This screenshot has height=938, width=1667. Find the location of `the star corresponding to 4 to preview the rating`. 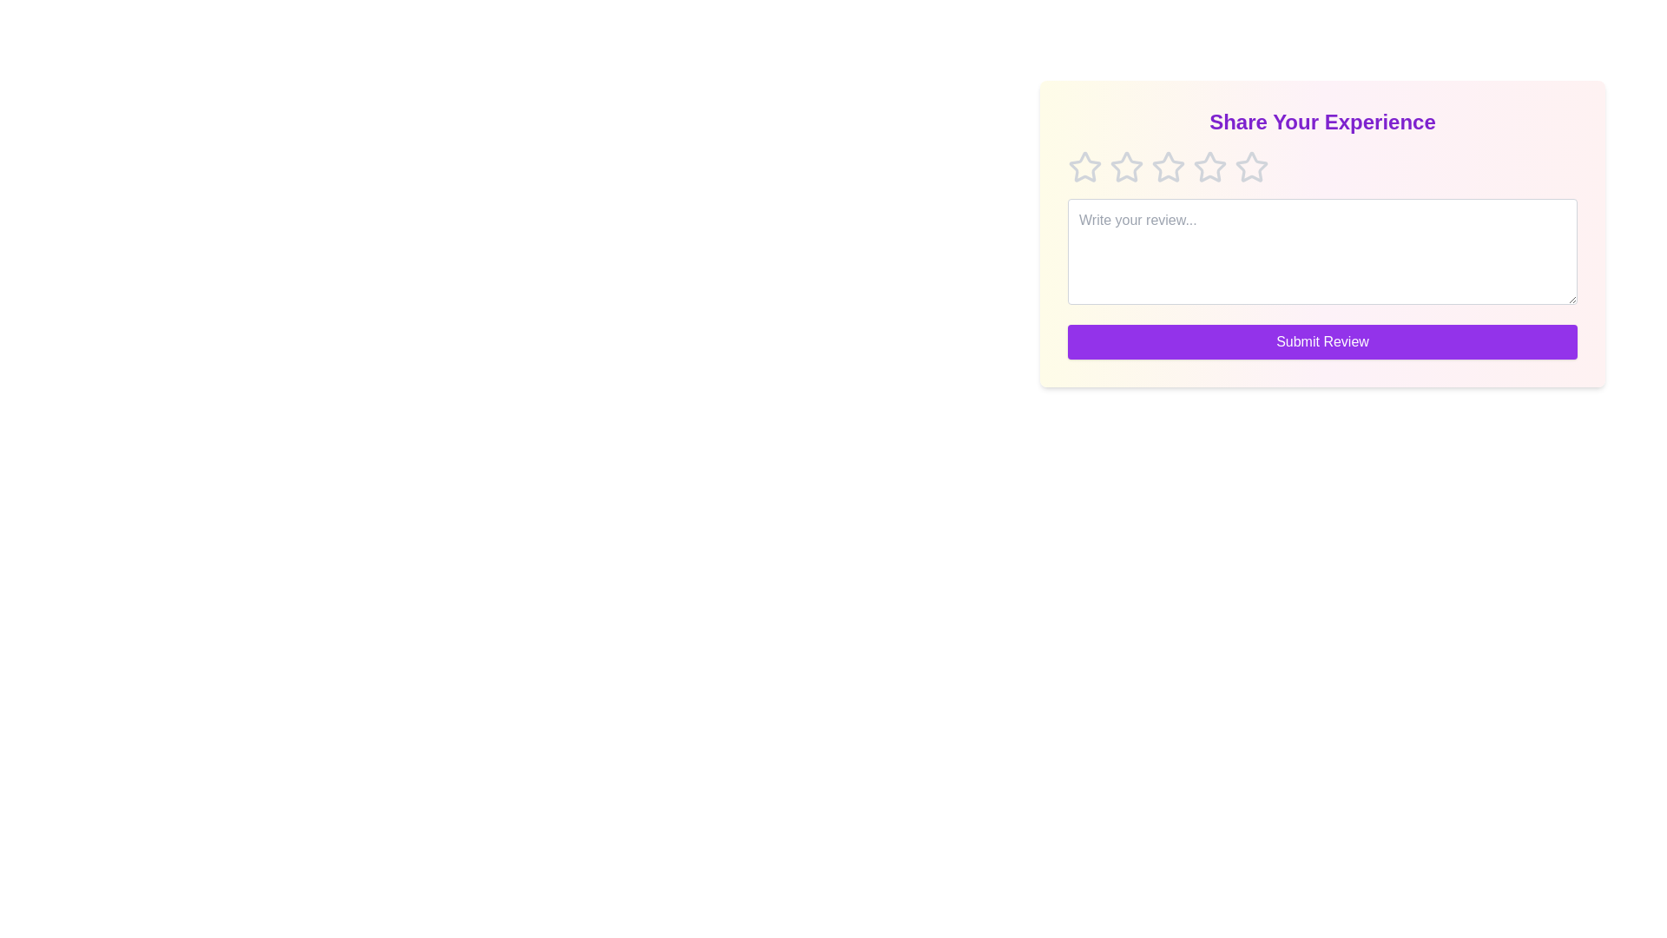

the star corresponding to 4 to preview the rating is located at coordinates (1209, 167).